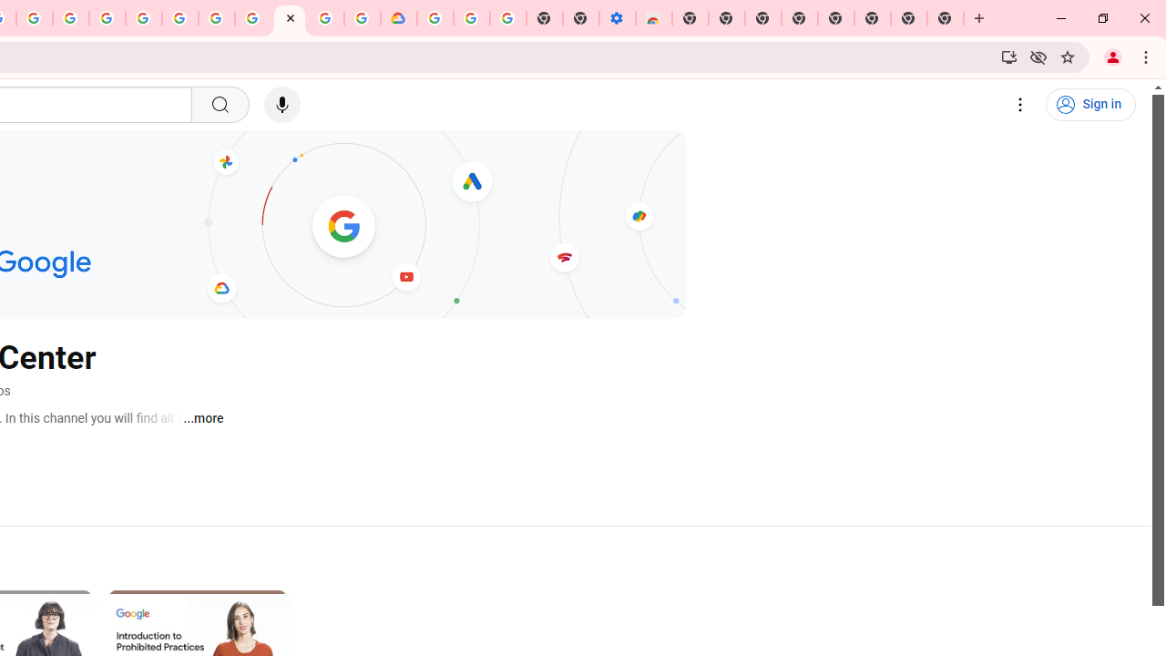 Image resolution: width=1166 pixels, height=656 pixels. What do you see at coordinates (34, 18) in the screenshot?
I see `'Create your Google Account'` at bounding box center [34, 18].